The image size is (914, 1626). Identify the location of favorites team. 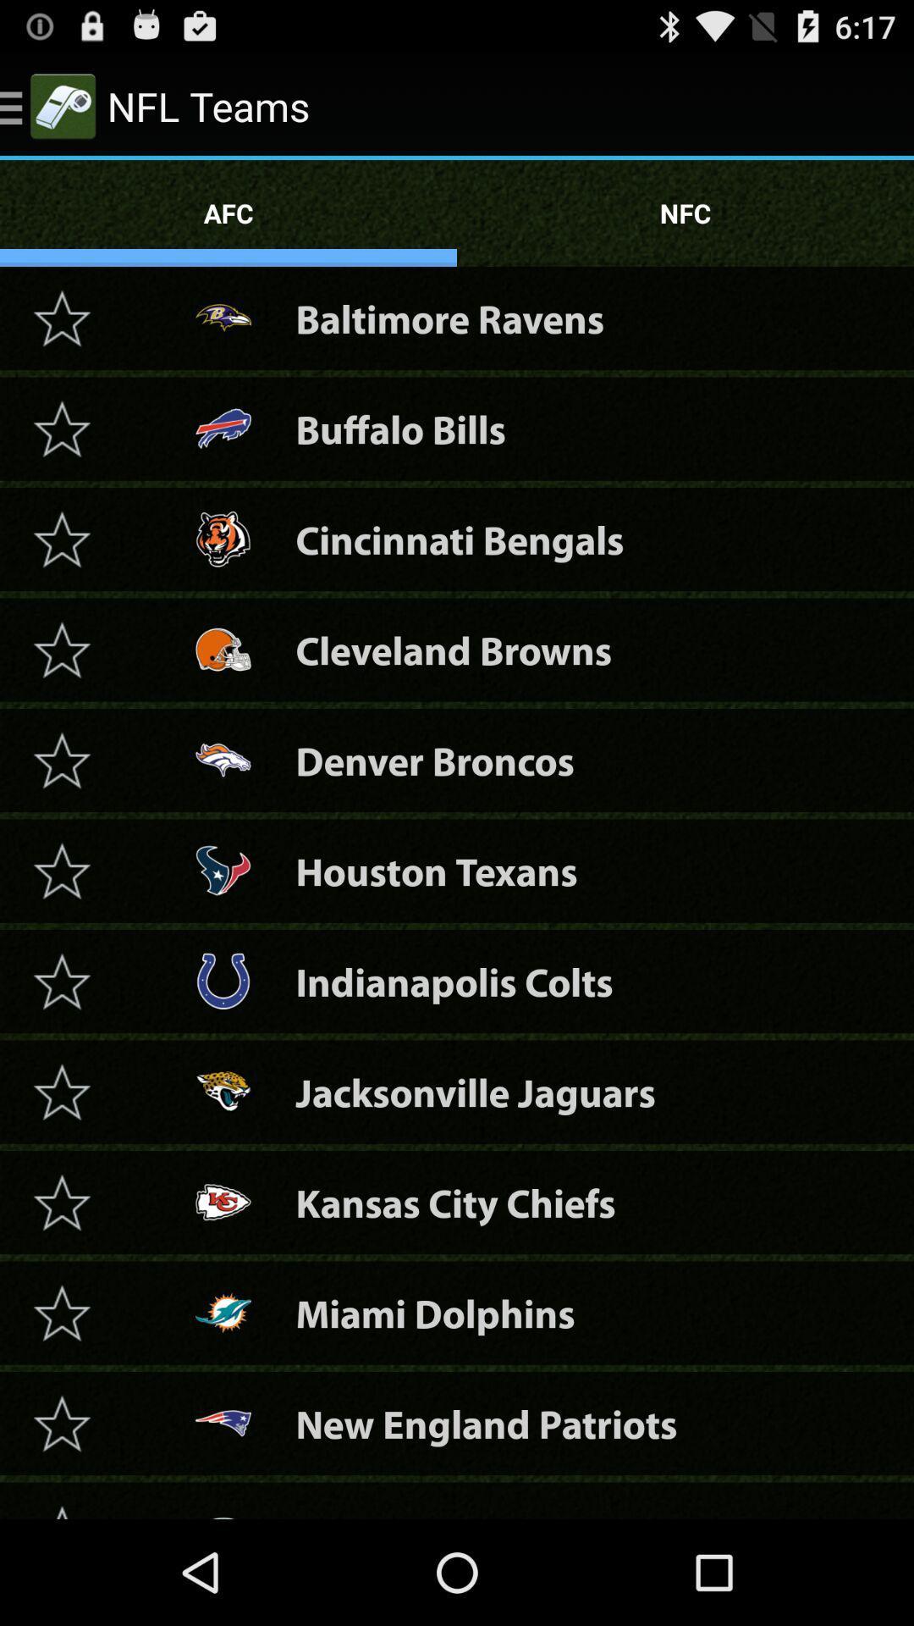
(61, 649).